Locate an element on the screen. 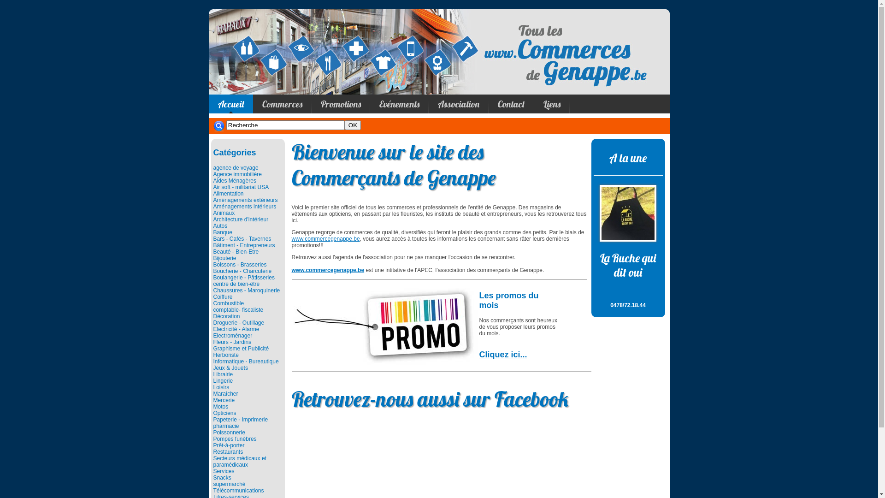 This screenshot has height=498, width=885. 'Alimentation' is located at coordinates (228, 193).